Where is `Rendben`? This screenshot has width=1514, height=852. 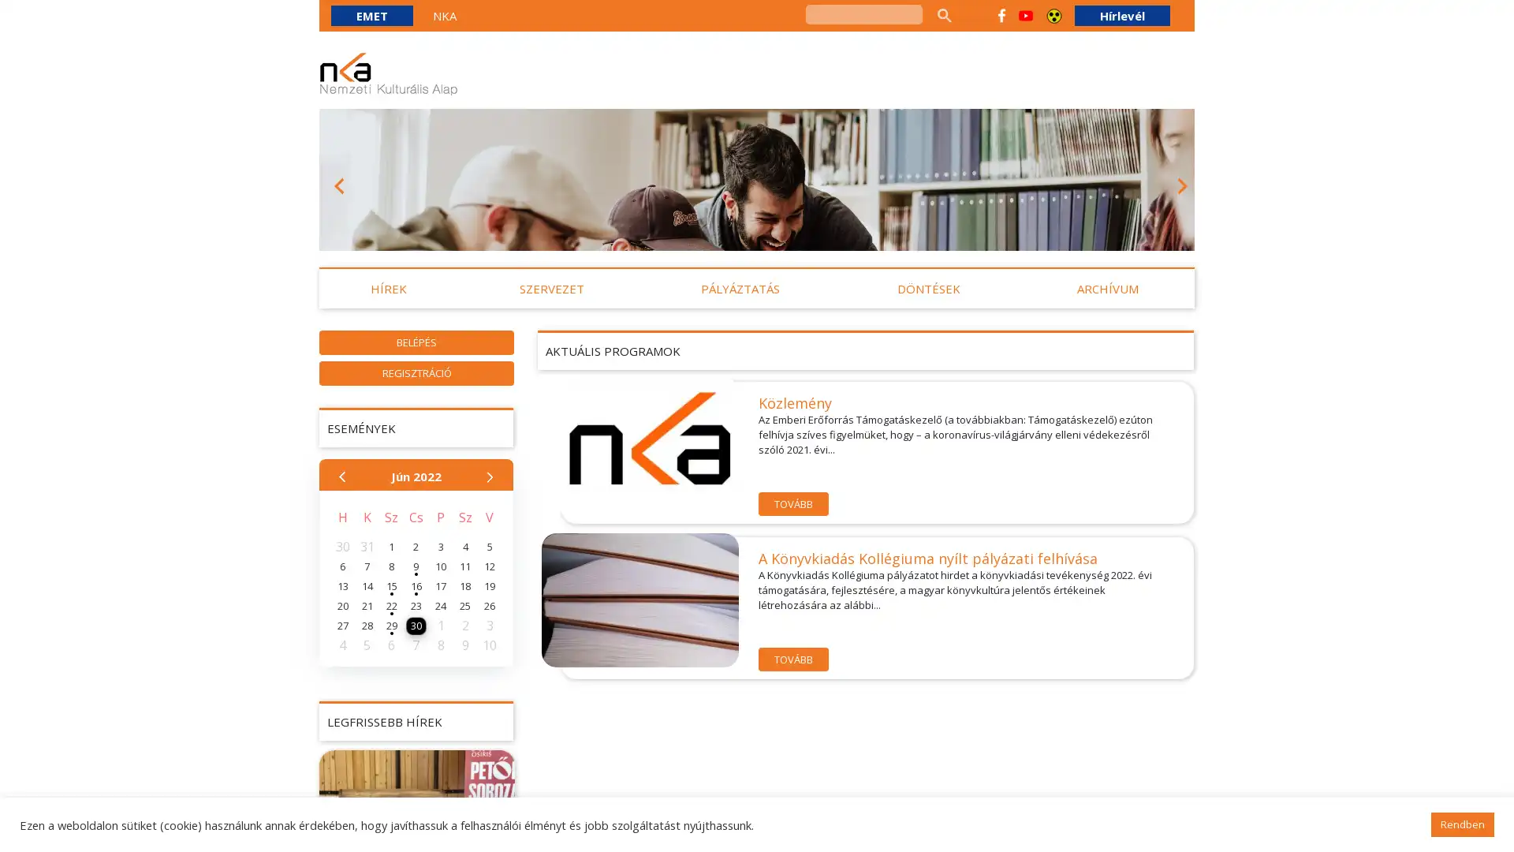 Rendben is located at coordinates (1461, 824).